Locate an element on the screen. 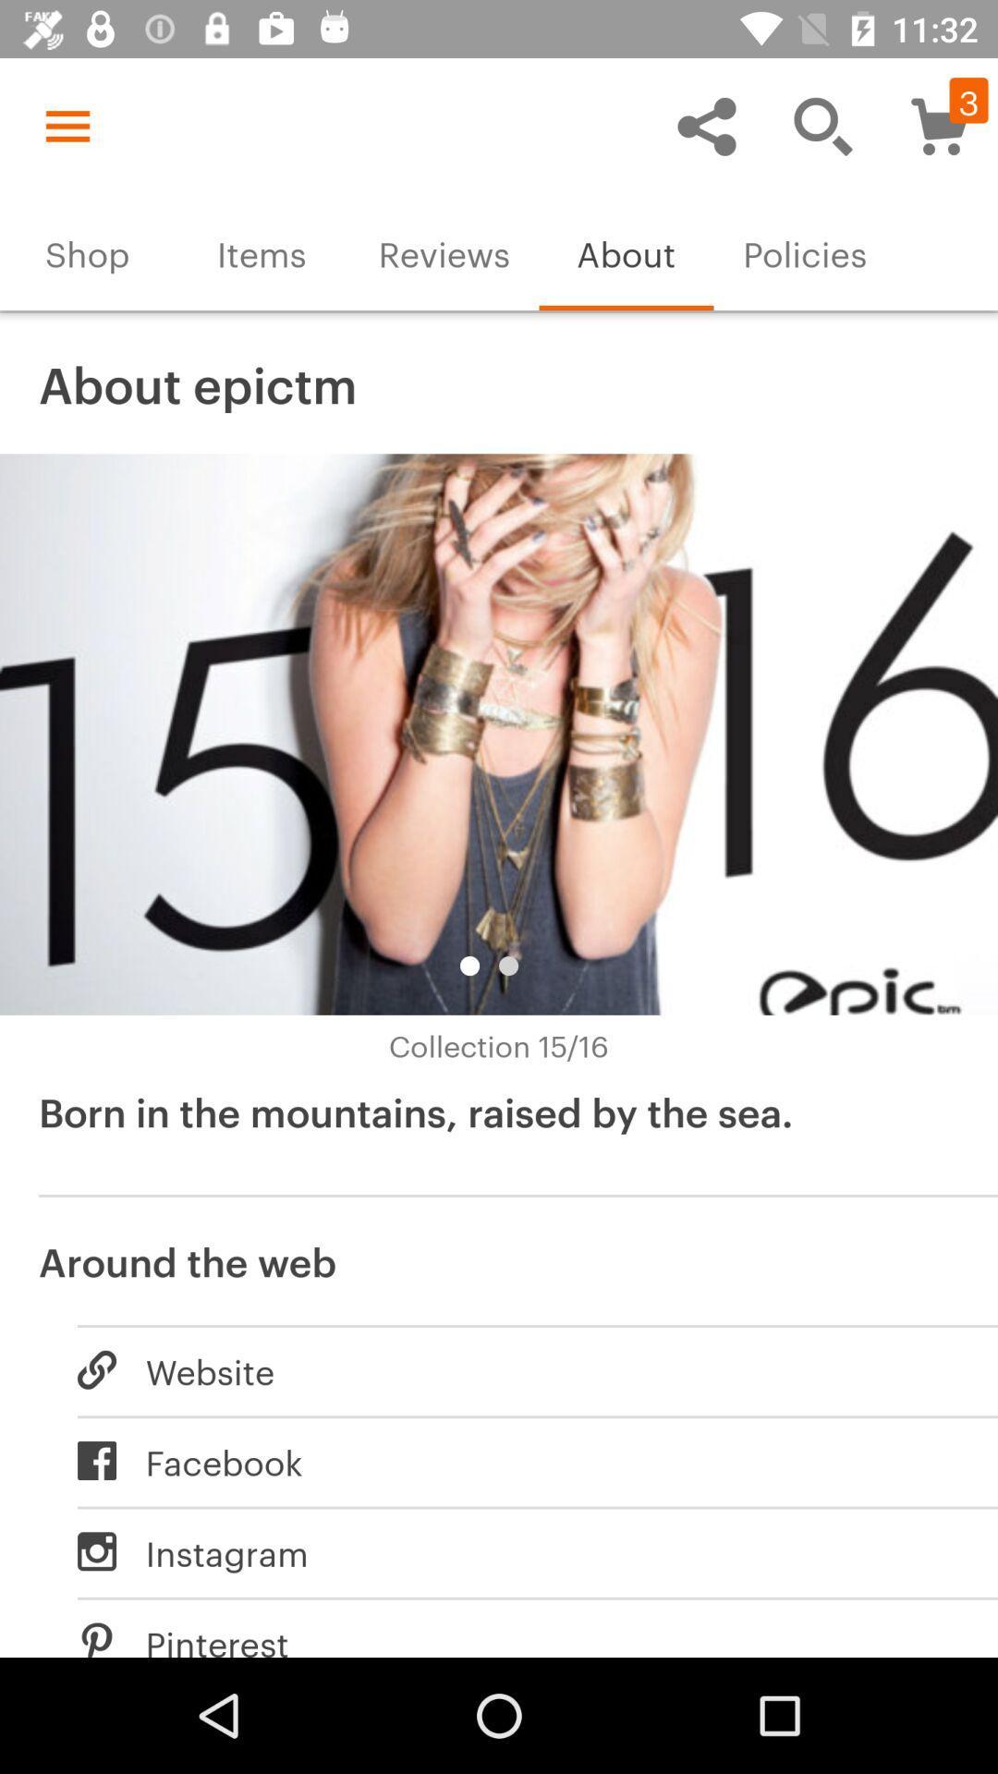 The width and height of the screenshot is (998, 1774). the instagram item is located at coordinates (517, 1551).